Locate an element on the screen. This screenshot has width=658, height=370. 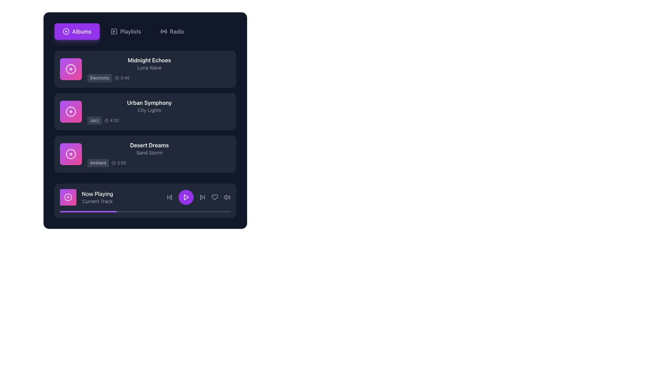
the Decorative Icon located within the 'Albums' button, positioned to the left of the text, enhancing the visual presentation of the button is located at coordinates (66, 32).